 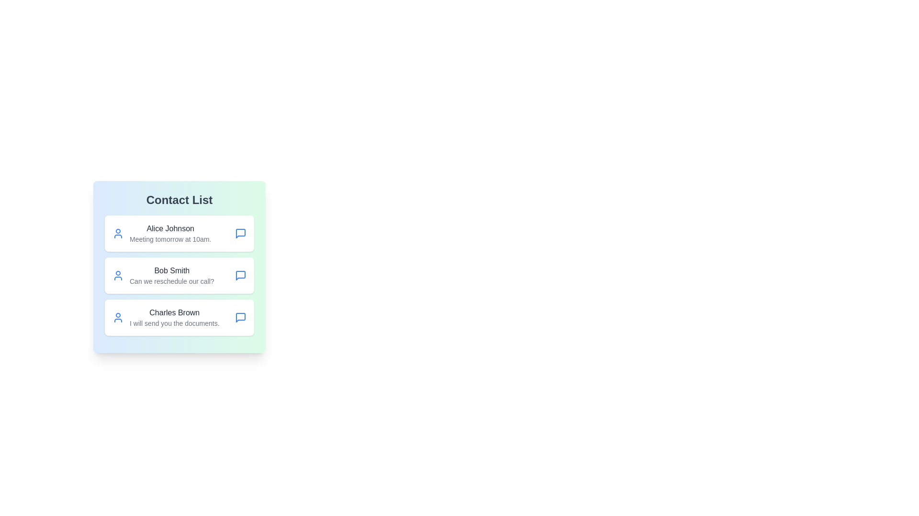 I want to click on the contact Bob Smith to select it, so click(x=179, y=276).